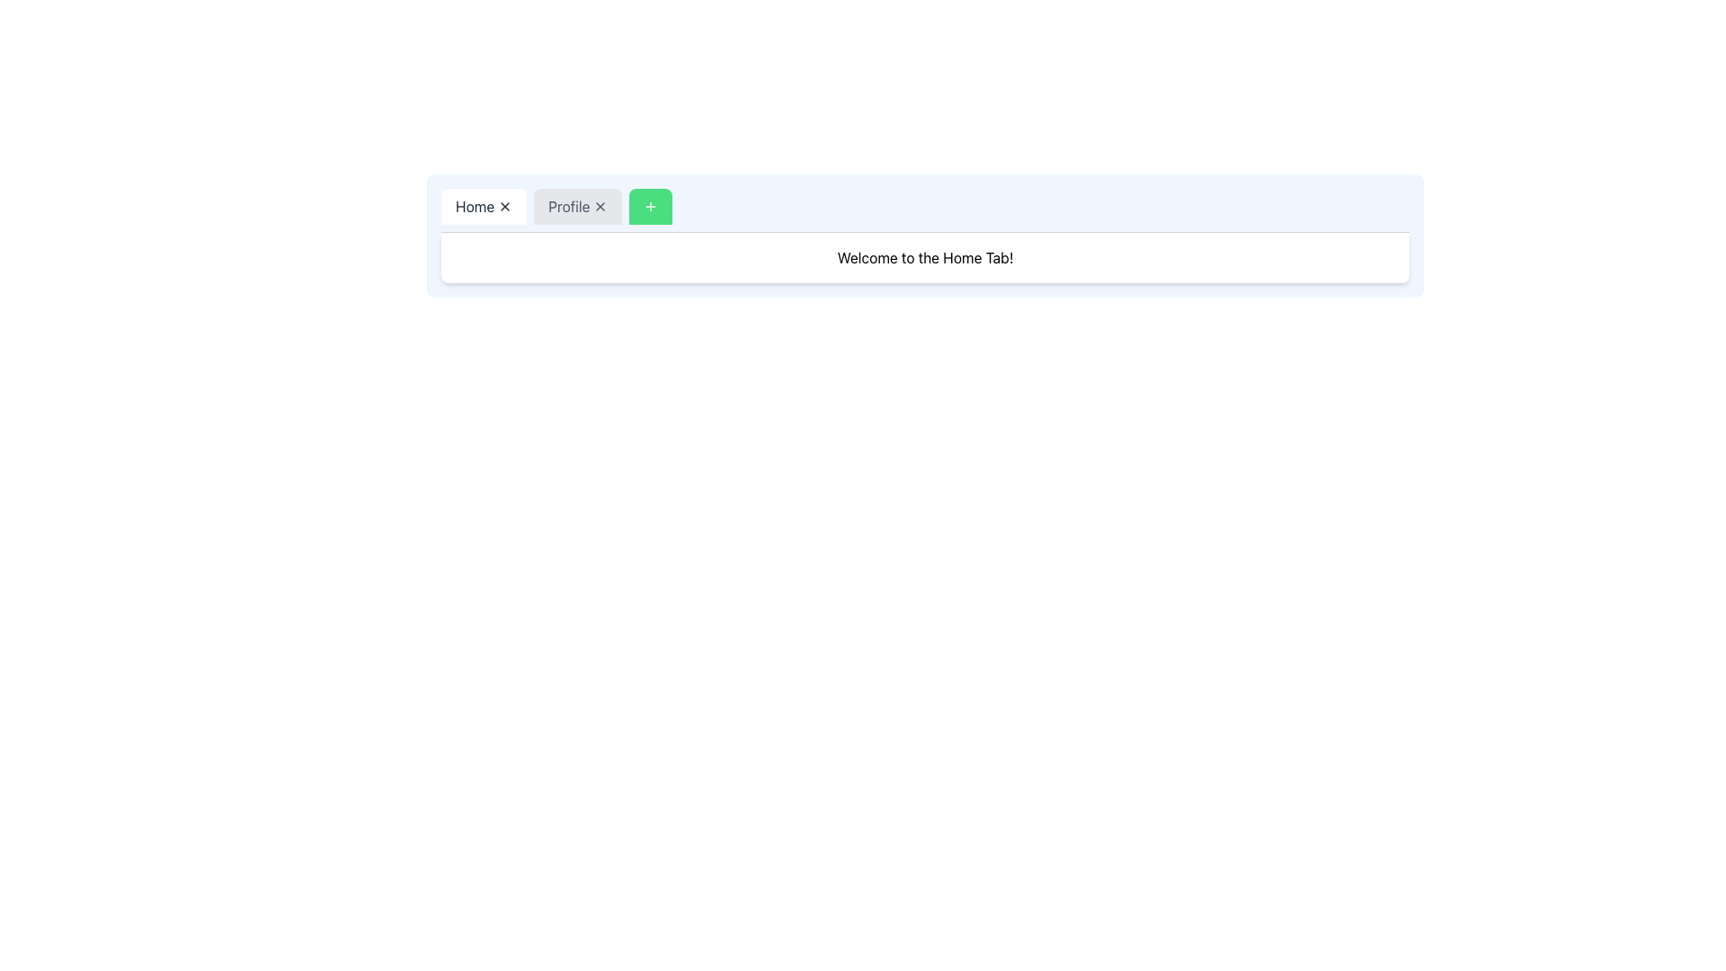 Image resolution: width=1726 pixels, height=971 pixels. What do you see at coordinates (601, 206) in the screenshot?
I see `the minimalistic 'X' icon in the 'Profile' tab to change its color to red, indicating a delete or close action` at bounding box center [601, 206].